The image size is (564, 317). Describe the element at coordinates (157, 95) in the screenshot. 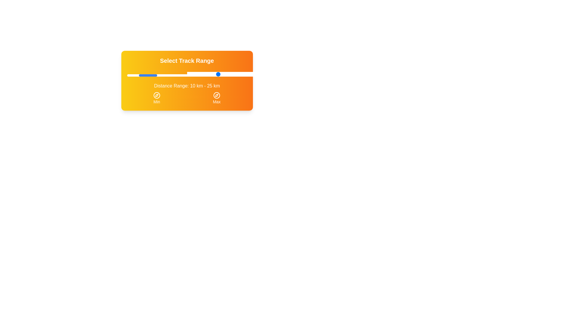

I see `the 'Min' value icon in the range selection interface, which is positioned to the left of the text 'Min' within an orange box under 'Distance Range: 10 km - 25 km'` at that location.